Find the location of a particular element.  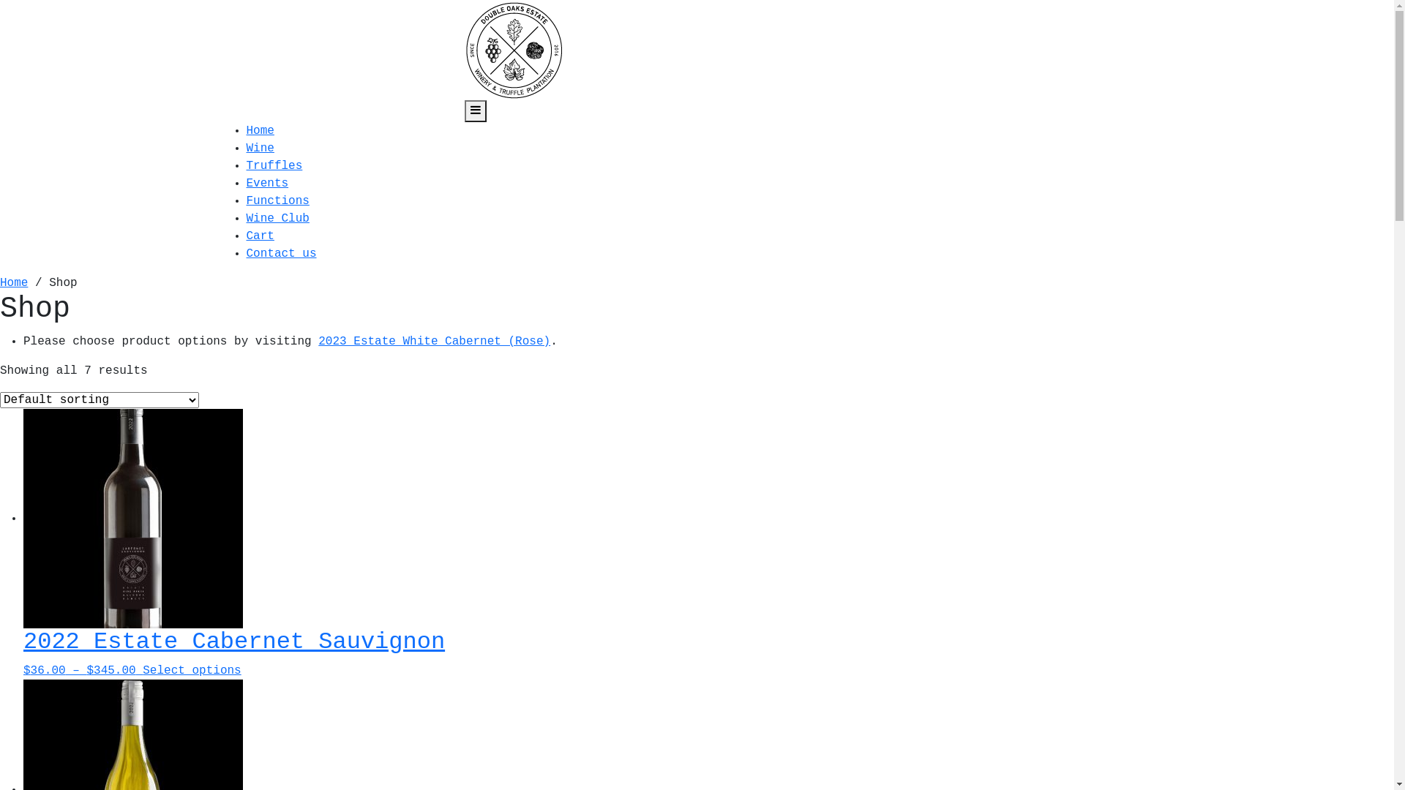

'Functions' is located at coordinates (277, 200).